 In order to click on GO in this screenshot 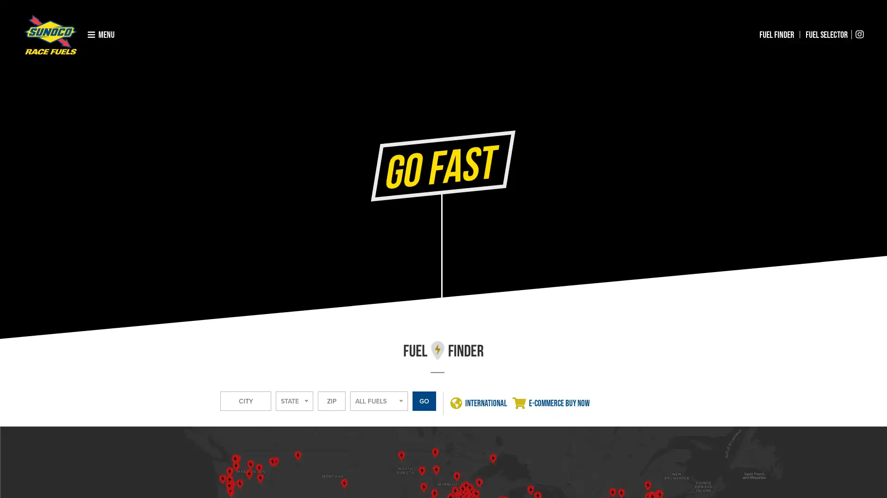, I will do `click(424, 401)`.